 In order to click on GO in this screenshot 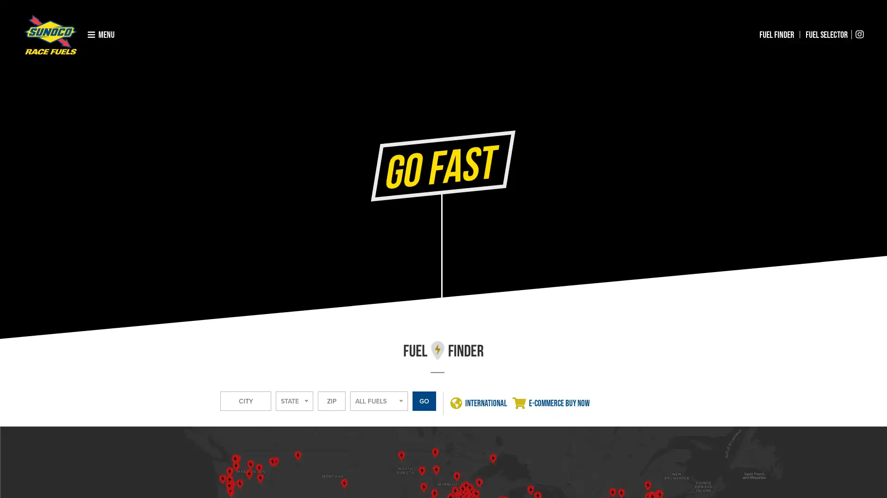, I will do `click(424, 401)`.